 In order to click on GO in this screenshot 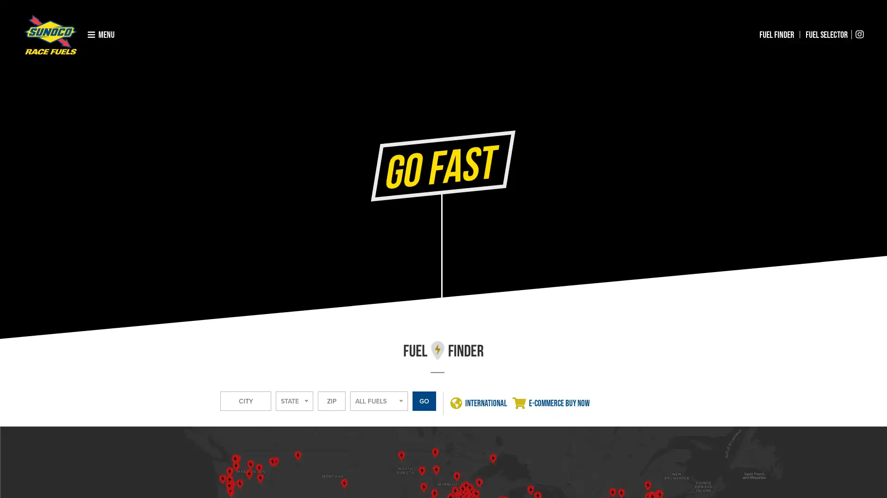, I will do `click(424, 401)`.